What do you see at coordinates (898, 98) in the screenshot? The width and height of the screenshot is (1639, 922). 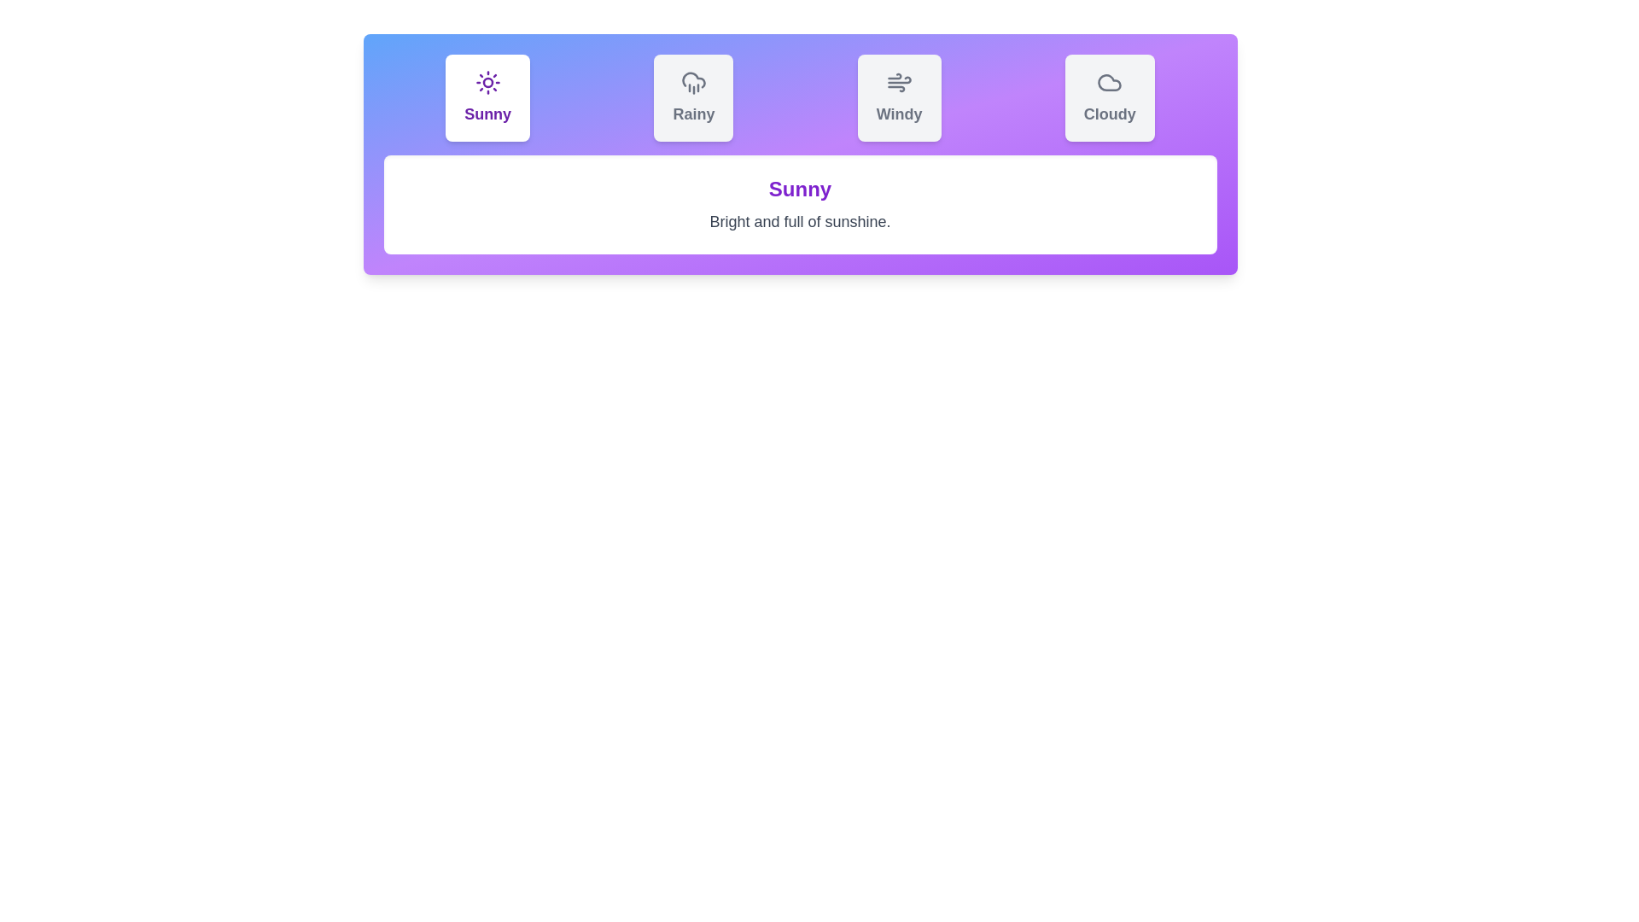 I see `the Windy tab to view its weather condition` at bounding box center [898, 98].